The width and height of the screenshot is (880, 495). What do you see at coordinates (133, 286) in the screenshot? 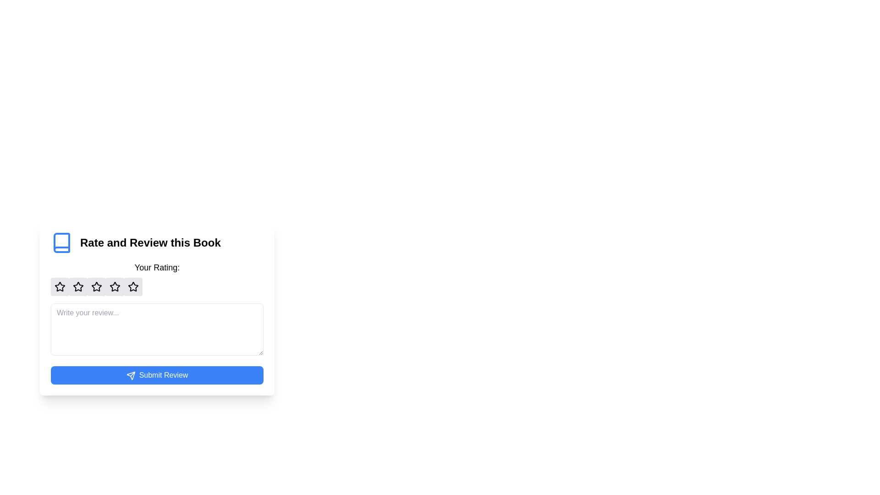
I see `the fifth rating star icon` at bounding box center [133, 286].